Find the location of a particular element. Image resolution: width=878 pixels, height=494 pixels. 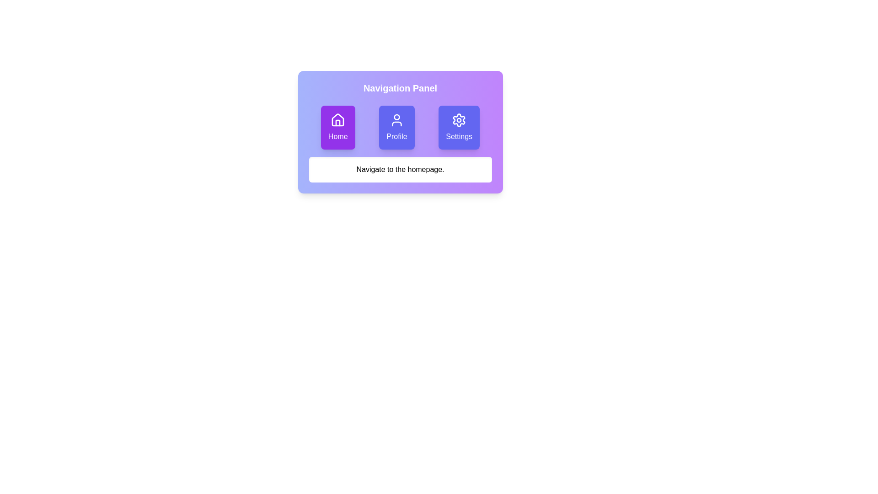

the Profile tab to view its description is located at coordinates (396, 127).